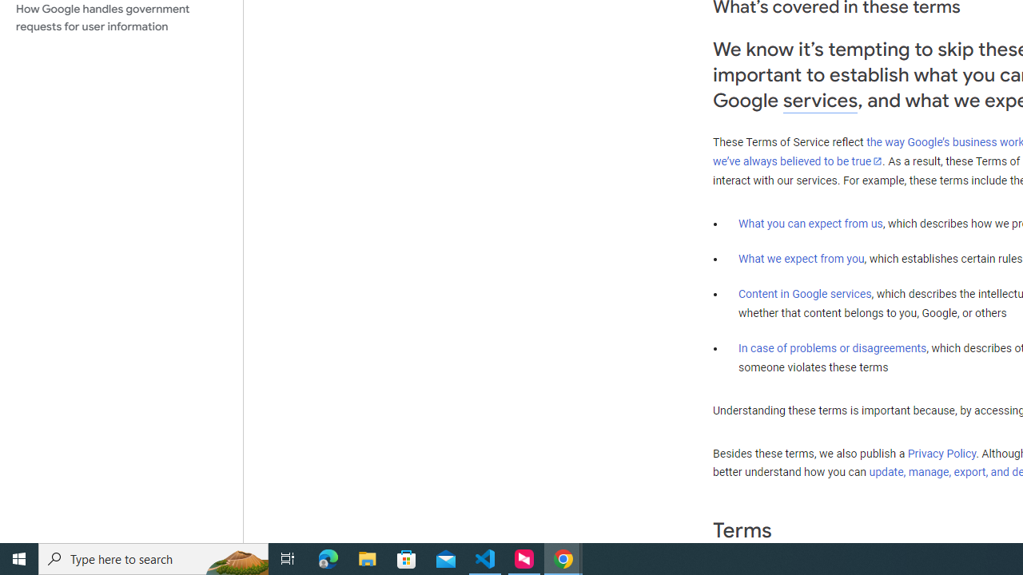 The image size is (1023, 575). Describe the element at coordinates (820, 100) in the screenshot. I see `'services'` at that location.